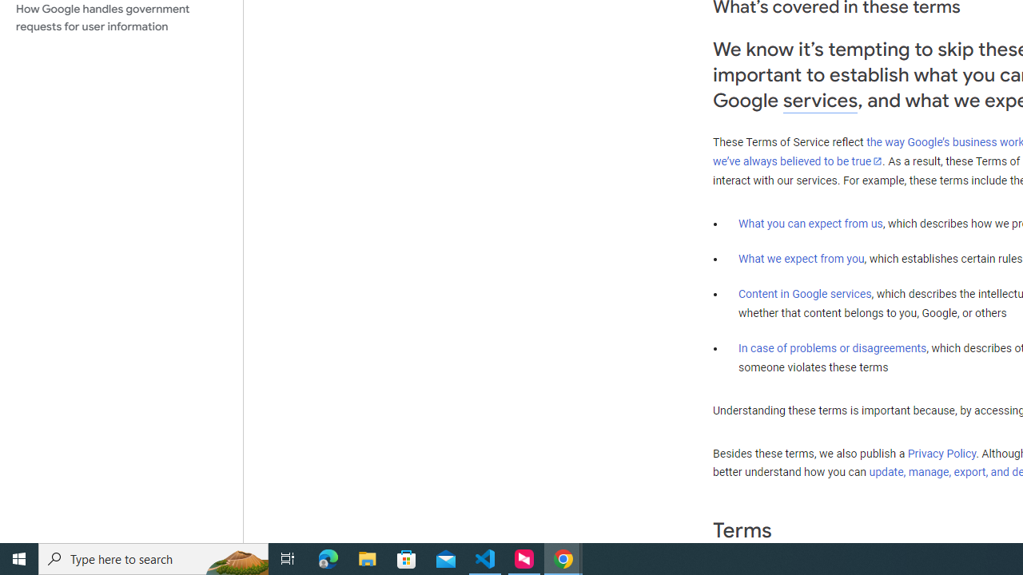 The image size is (1023, 575). Describe the element at coordinates (820, 100) in the screenshot. I see `'services'` at that location.